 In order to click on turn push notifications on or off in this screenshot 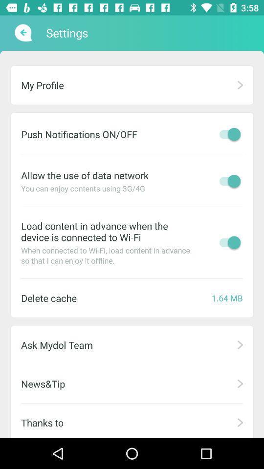, I will do `click(227, 134)`.